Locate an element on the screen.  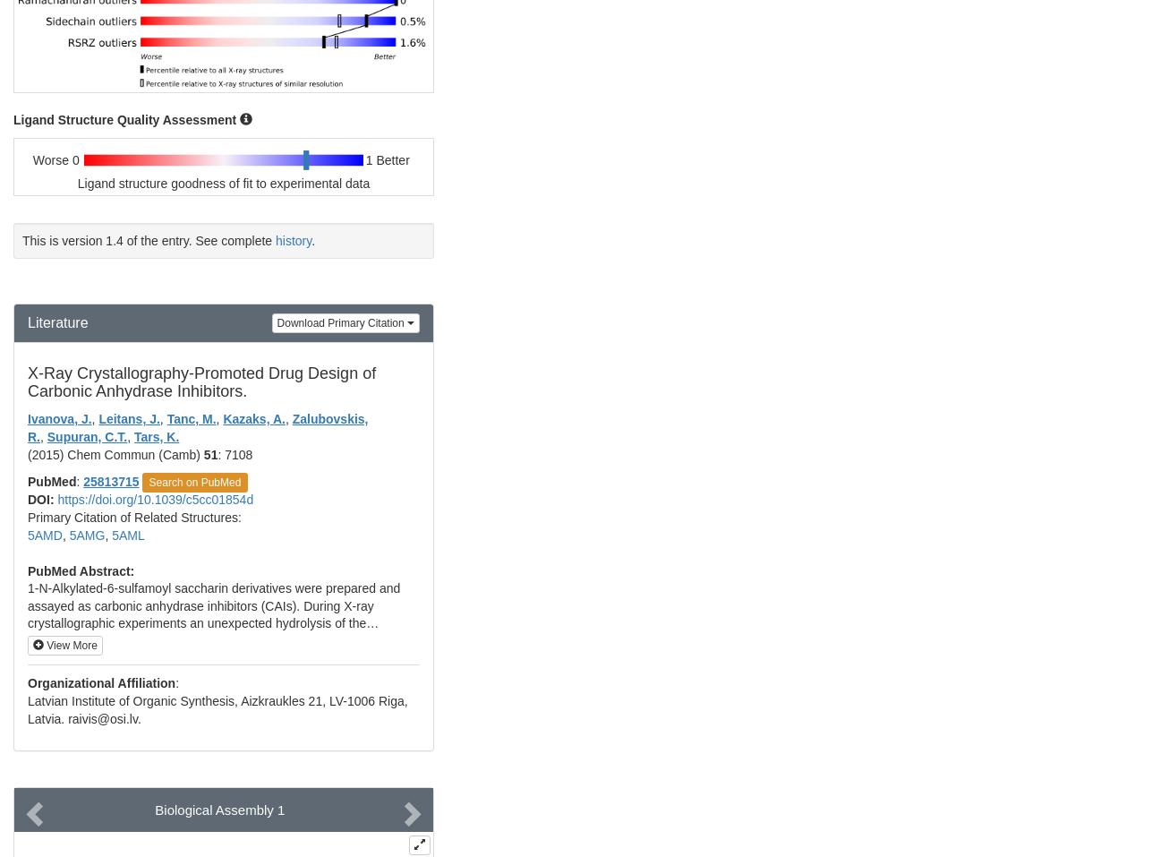
'X-Ray Crystallography-Promoted Drug Design of Carbonic Anhydrase Inhibitors.' is located at coordinates (200, 381).